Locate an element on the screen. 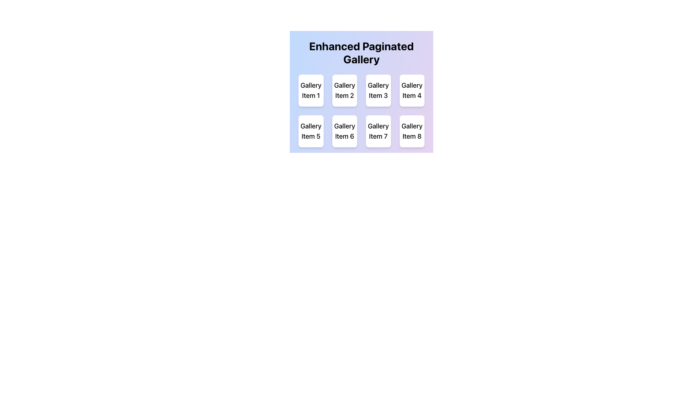 The width and height of the screenshot is (699, 393). the text label that identifies 'Gallery Item 6', located in the second row and second column of the grid layout is located at coordinates (344, 131).